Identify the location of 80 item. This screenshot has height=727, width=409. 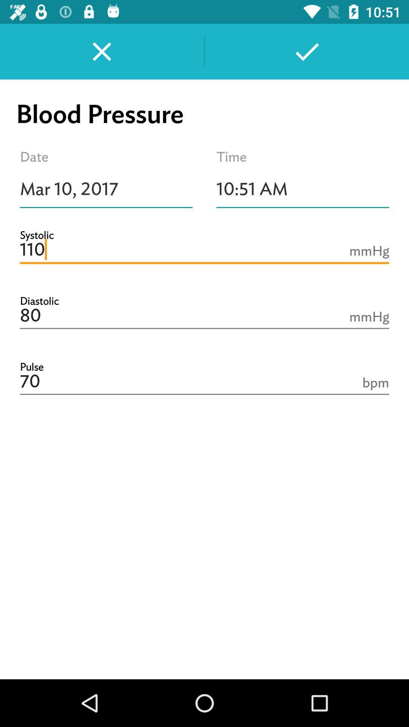
(204, 316).